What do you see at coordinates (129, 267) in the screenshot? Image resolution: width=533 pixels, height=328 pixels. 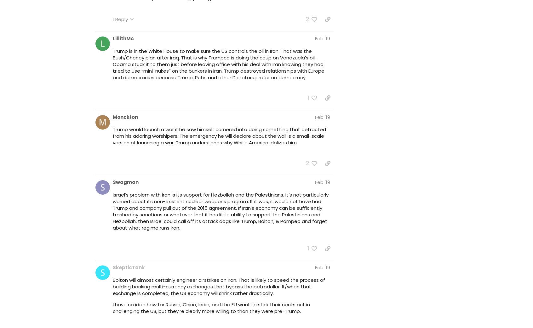 I see `'SkepticTank'` at bounding box center [129, 267].